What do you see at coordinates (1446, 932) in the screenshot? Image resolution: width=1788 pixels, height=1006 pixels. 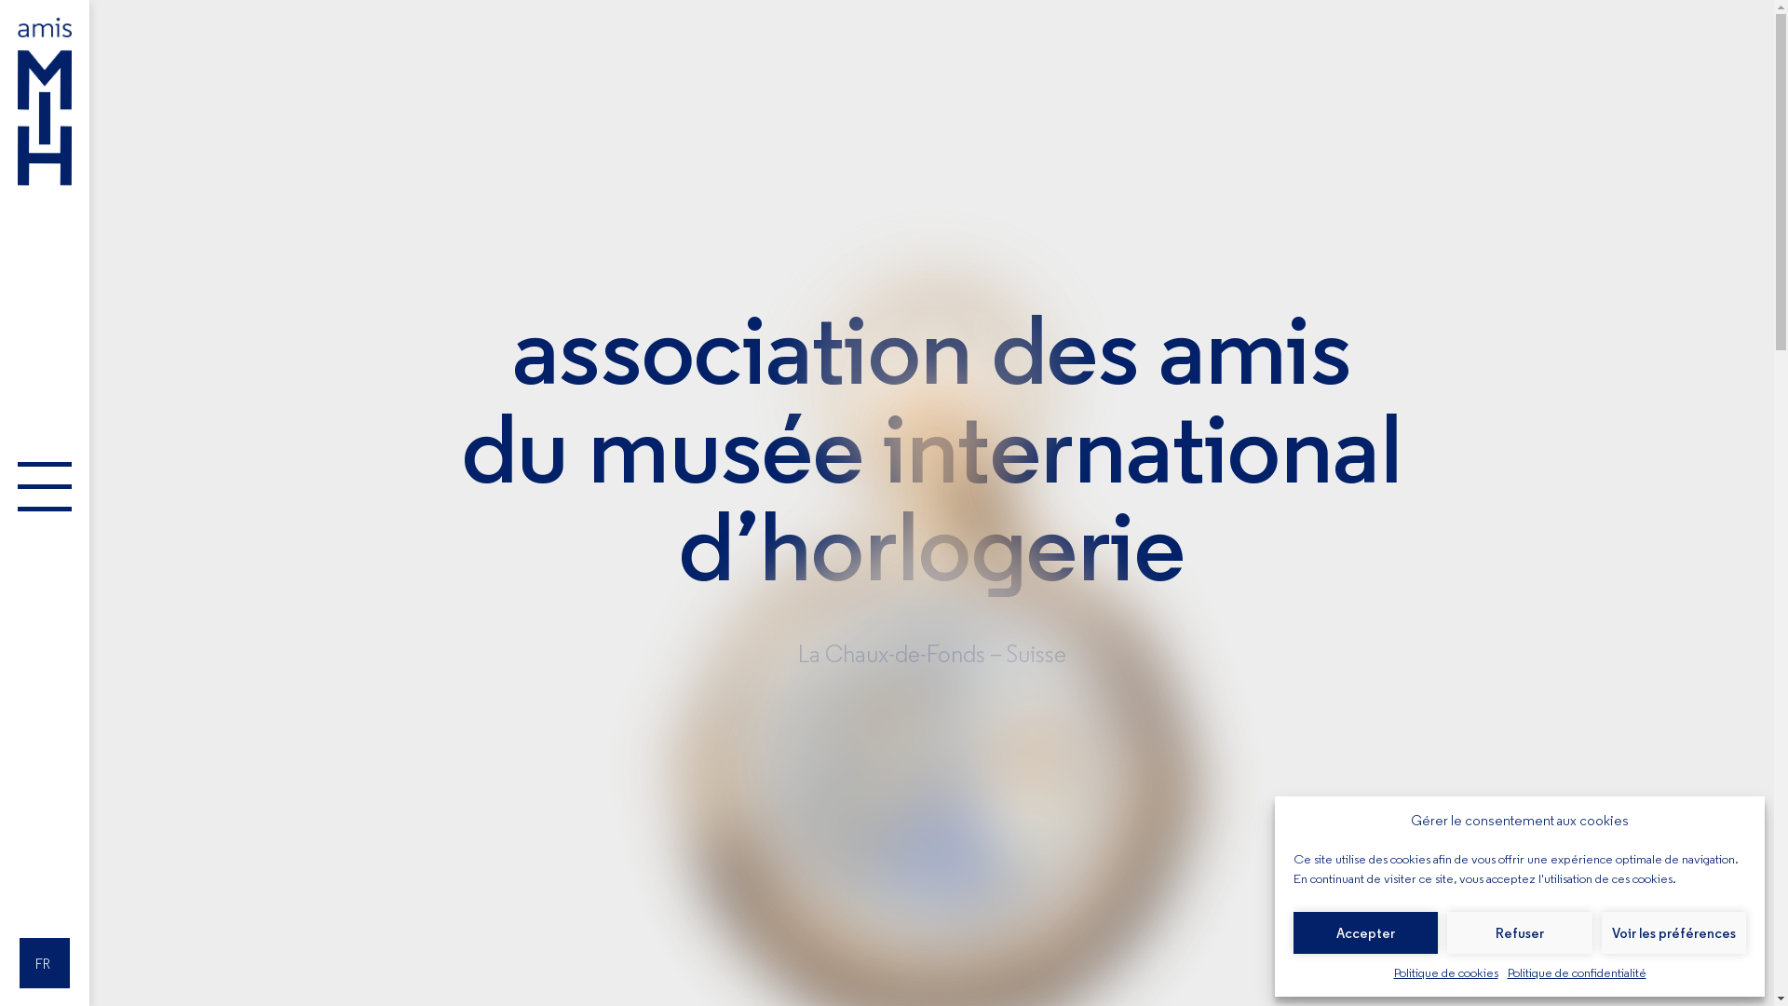 I see `'Refuser'` at bounding box center [1446, 932].